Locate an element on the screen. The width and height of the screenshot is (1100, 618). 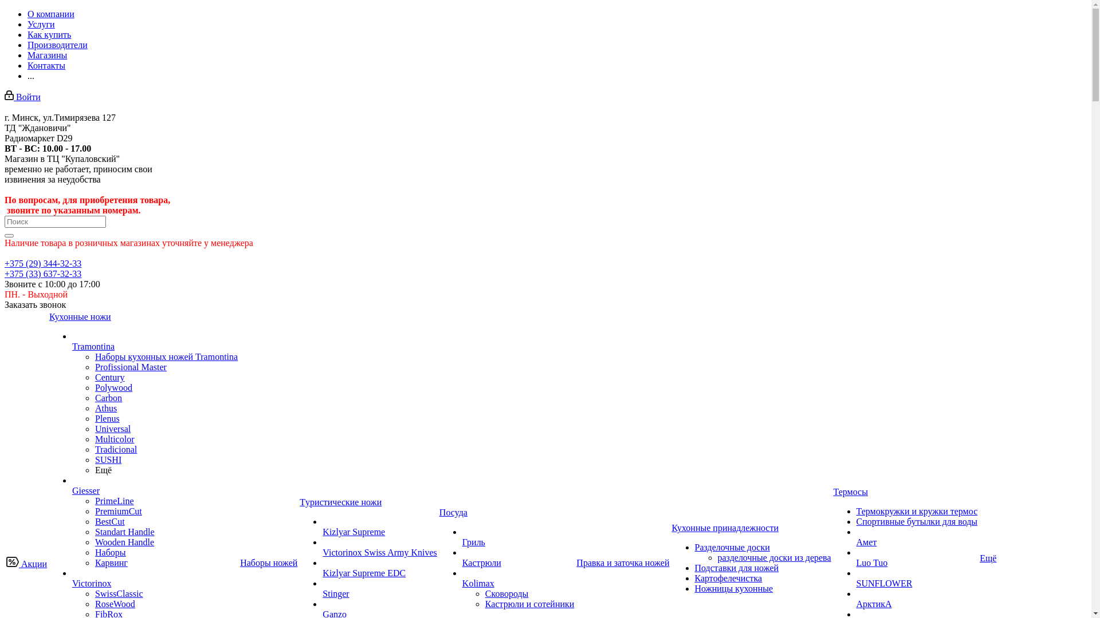
'Profissional Master' is located at coordinates (131, 367).